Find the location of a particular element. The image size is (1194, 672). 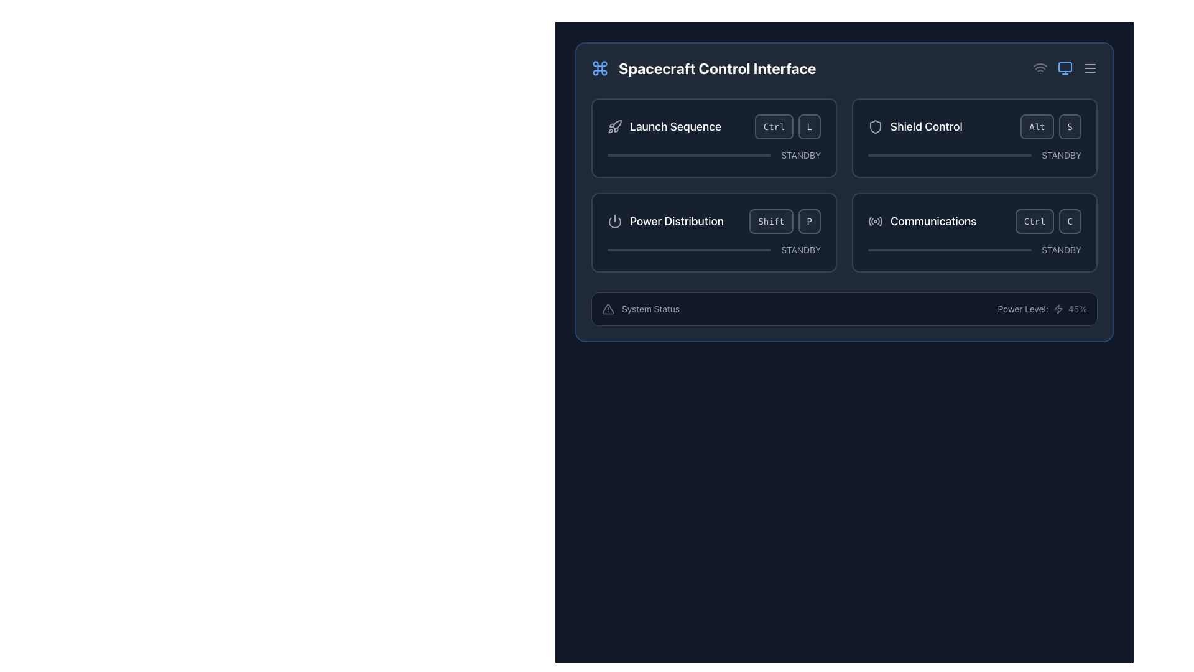

the Wi-Fi symbol icon, which is the first icon in a group of three located at the top-right corner of the interface, indicating network connectivity is located at coordinates (1040, 68).